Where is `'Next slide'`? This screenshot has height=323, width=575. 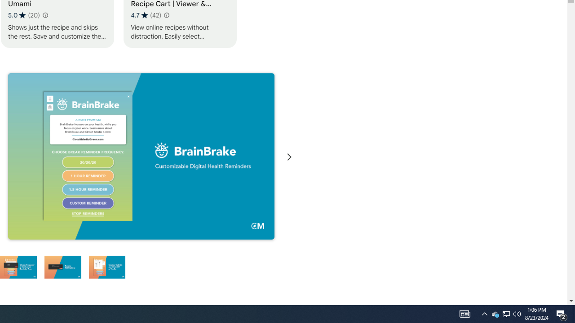 'Next slide' is located at coordinates (289, 157).